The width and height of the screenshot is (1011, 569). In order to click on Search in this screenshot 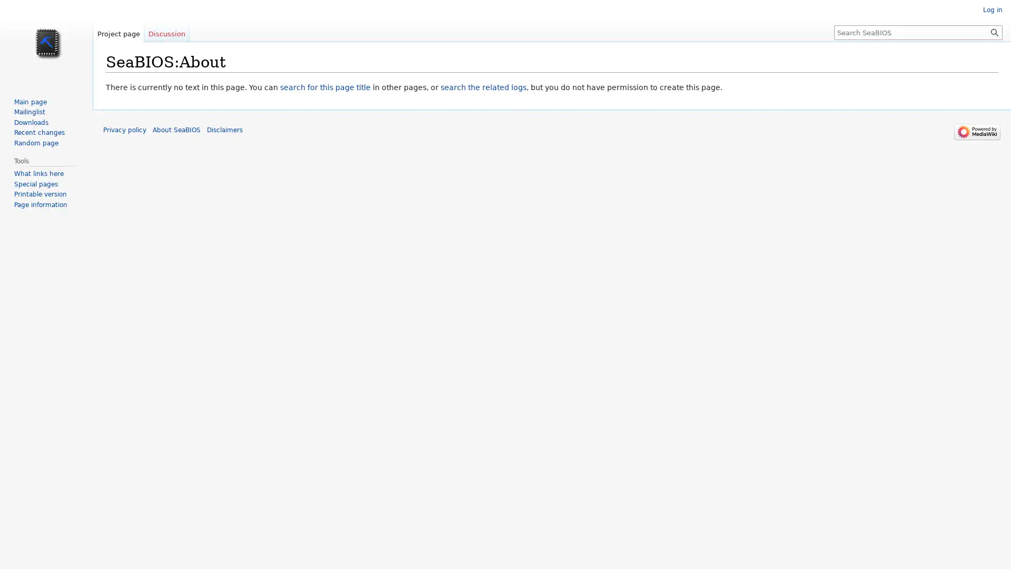, I will do `click(994, 32)`.